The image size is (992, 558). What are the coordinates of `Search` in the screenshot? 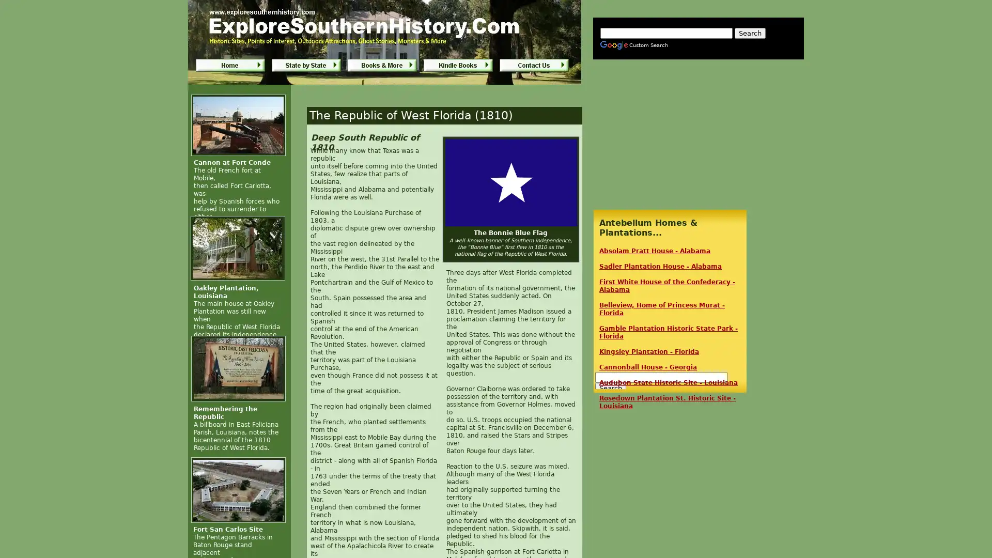 It's located at (610, 388).